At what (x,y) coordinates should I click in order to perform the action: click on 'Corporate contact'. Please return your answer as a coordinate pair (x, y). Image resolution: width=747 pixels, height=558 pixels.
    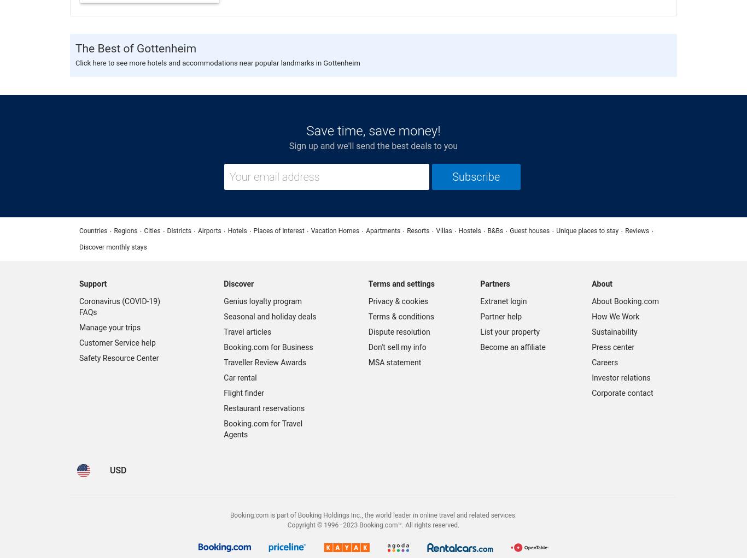
    Looking at the image, I should click on (591, 393).